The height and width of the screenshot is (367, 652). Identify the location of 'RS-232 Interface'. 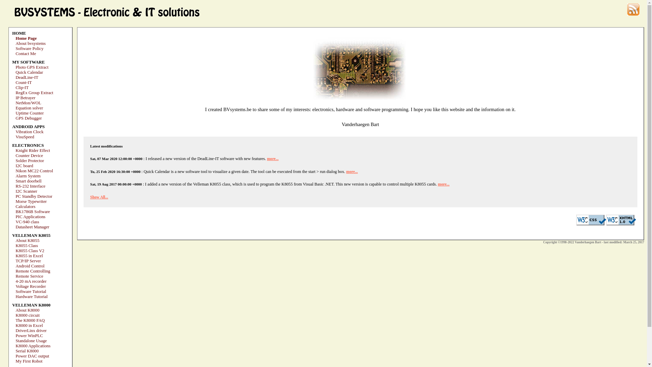
(30, 186).